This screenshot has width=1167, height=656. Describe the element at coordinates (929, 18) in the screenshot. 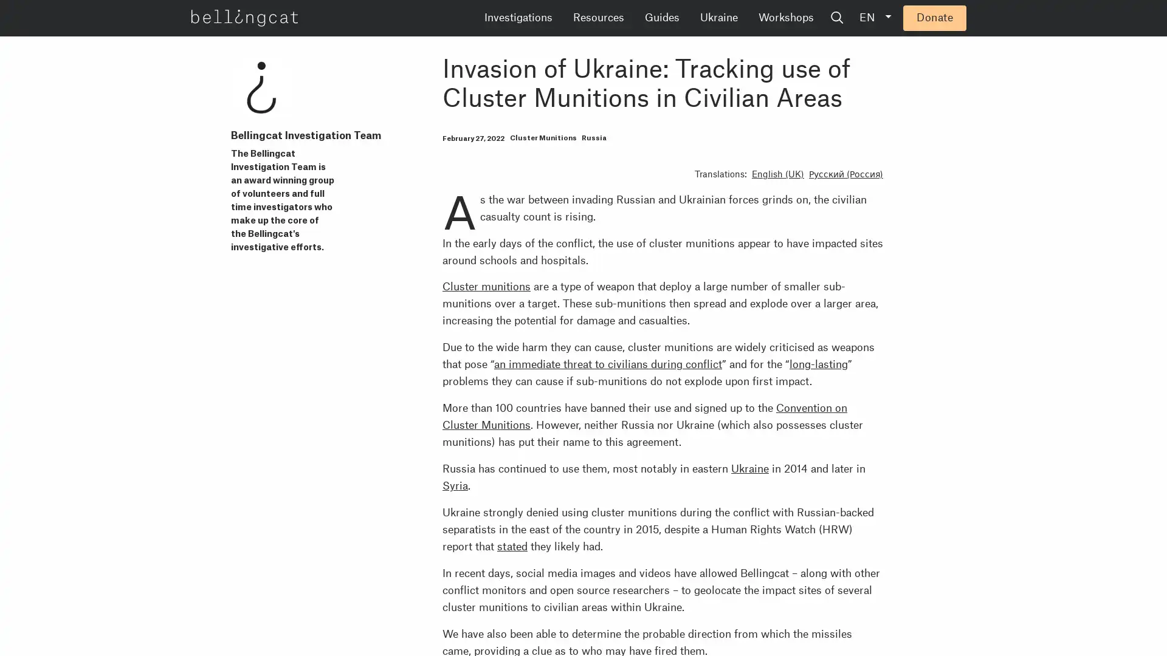

I see `Search` at that location.